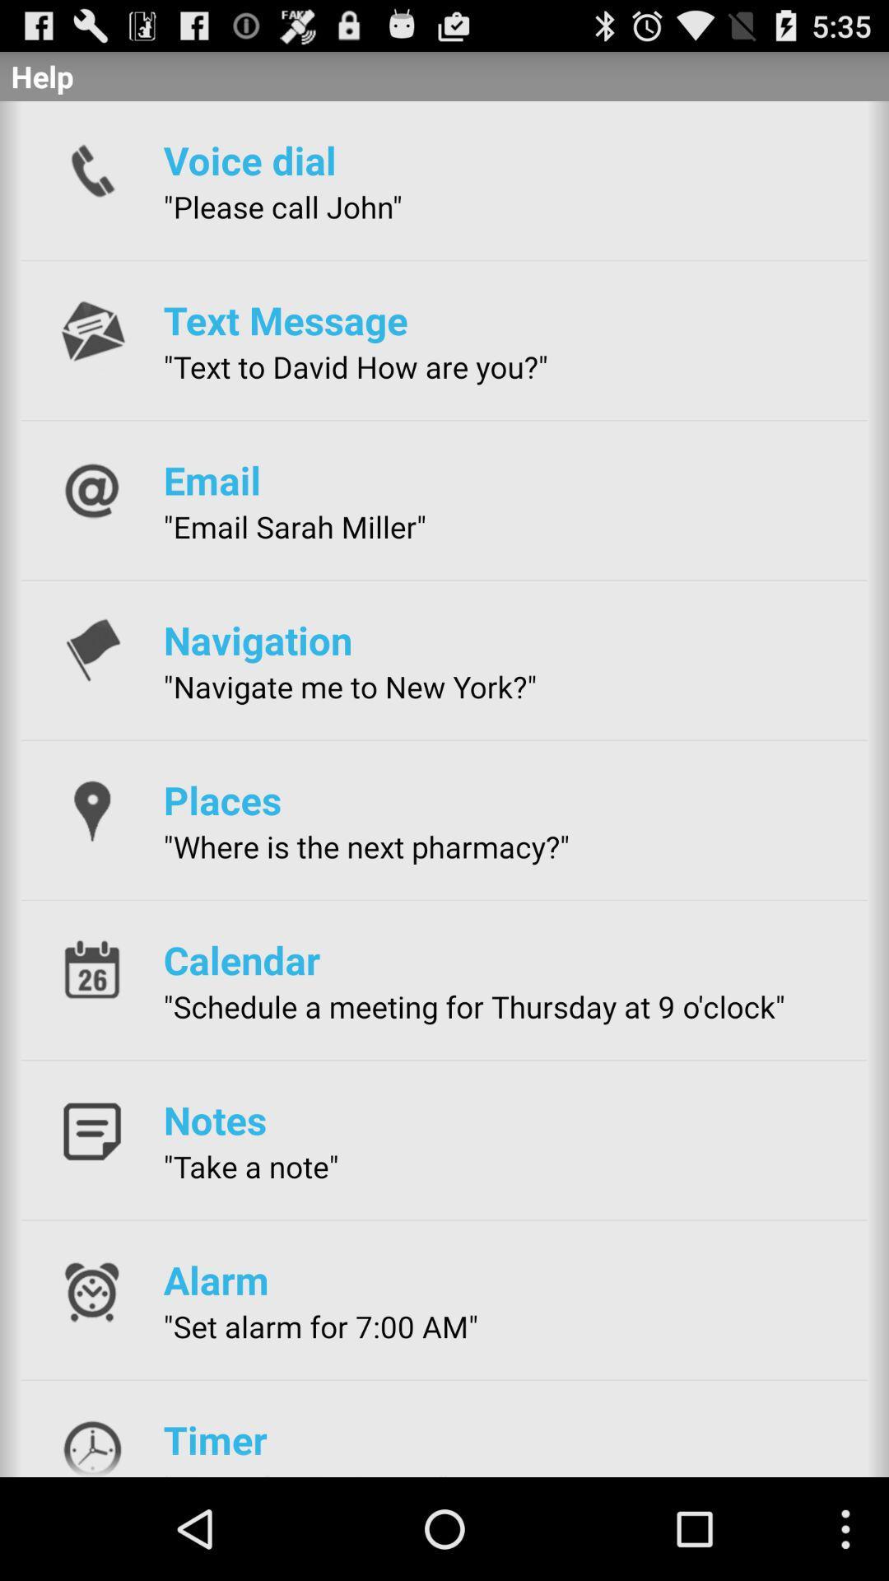 Image resolution: width=889 pixels, height=1581 pixels. I want to click on app below "email sarah miller" item, so click(258, 639).